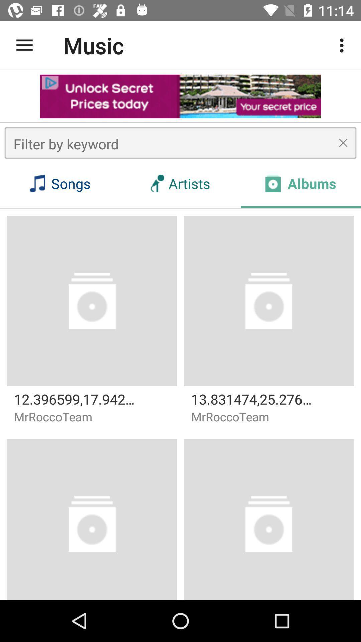 This screenshot has width=361, height=642. Describe the element at coordinates (343, 142) in the screenshot. I see `the cross mark symbol right to the text filter by keyword` at that location.